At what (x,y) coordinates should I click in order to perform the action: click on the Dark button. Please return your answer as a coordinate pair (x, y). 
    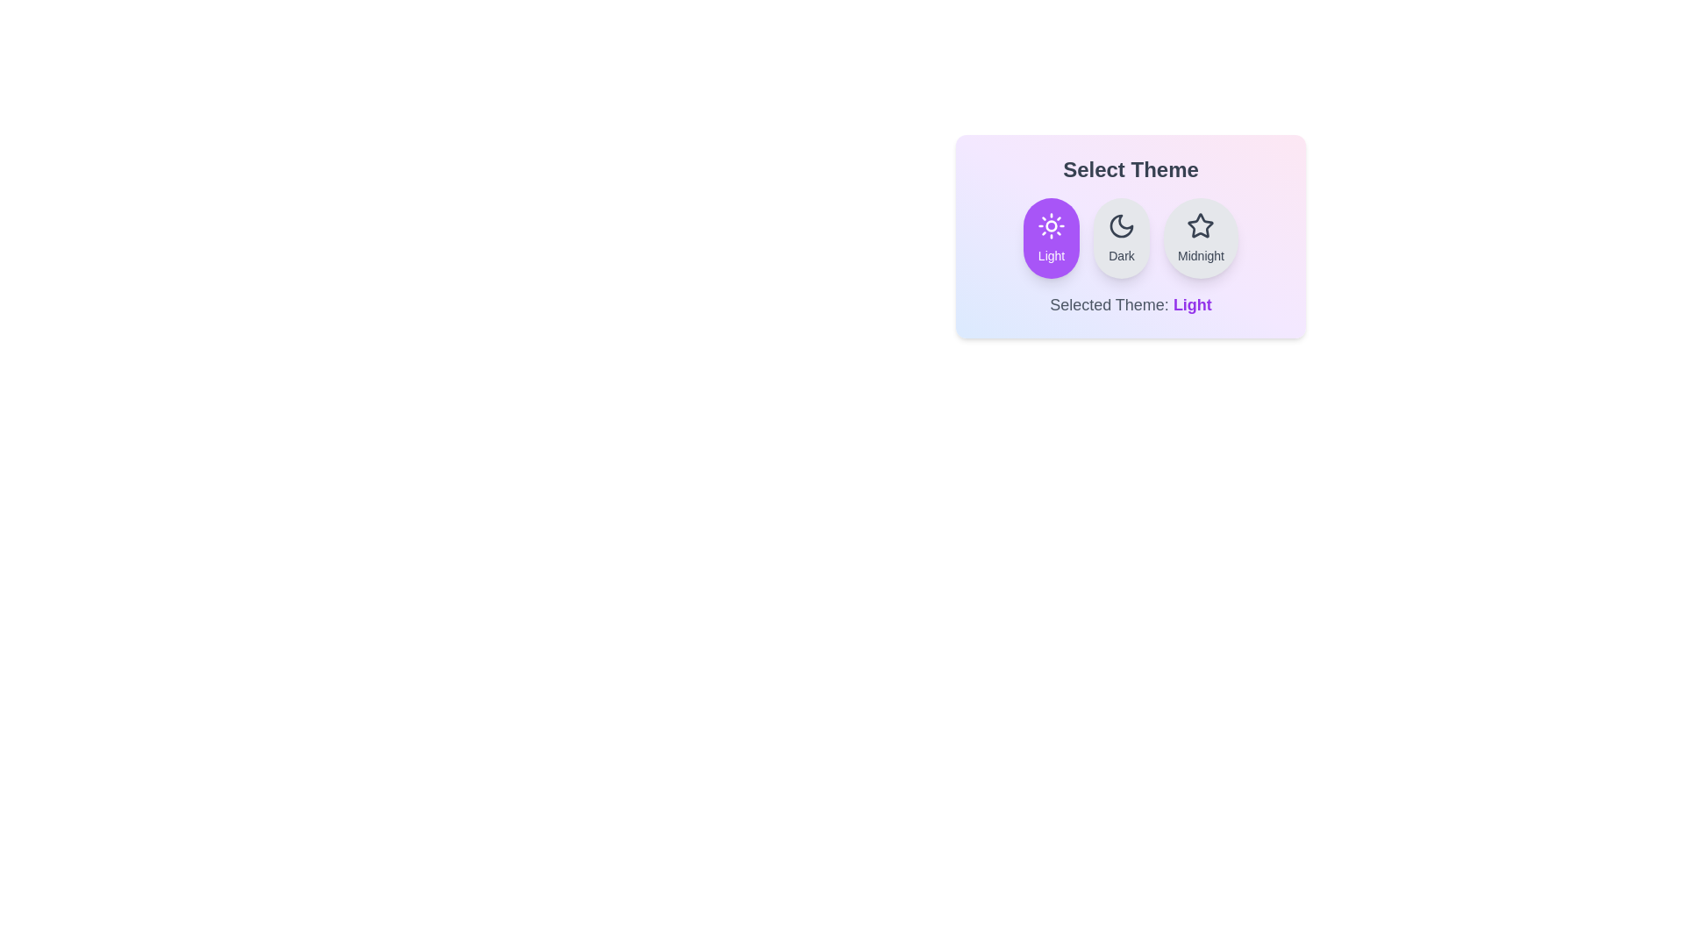
    Looking at the image, I should click on (1121, 239).